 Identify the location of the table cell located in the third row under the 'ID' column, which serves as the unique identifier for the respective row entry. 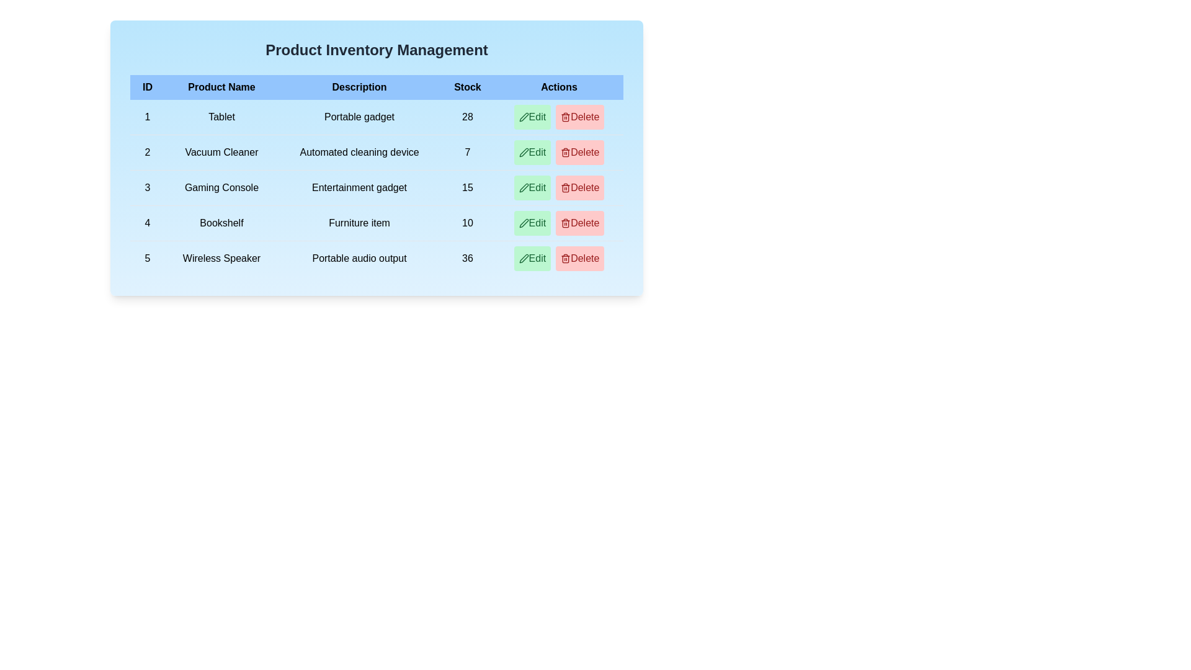
(147, 188).